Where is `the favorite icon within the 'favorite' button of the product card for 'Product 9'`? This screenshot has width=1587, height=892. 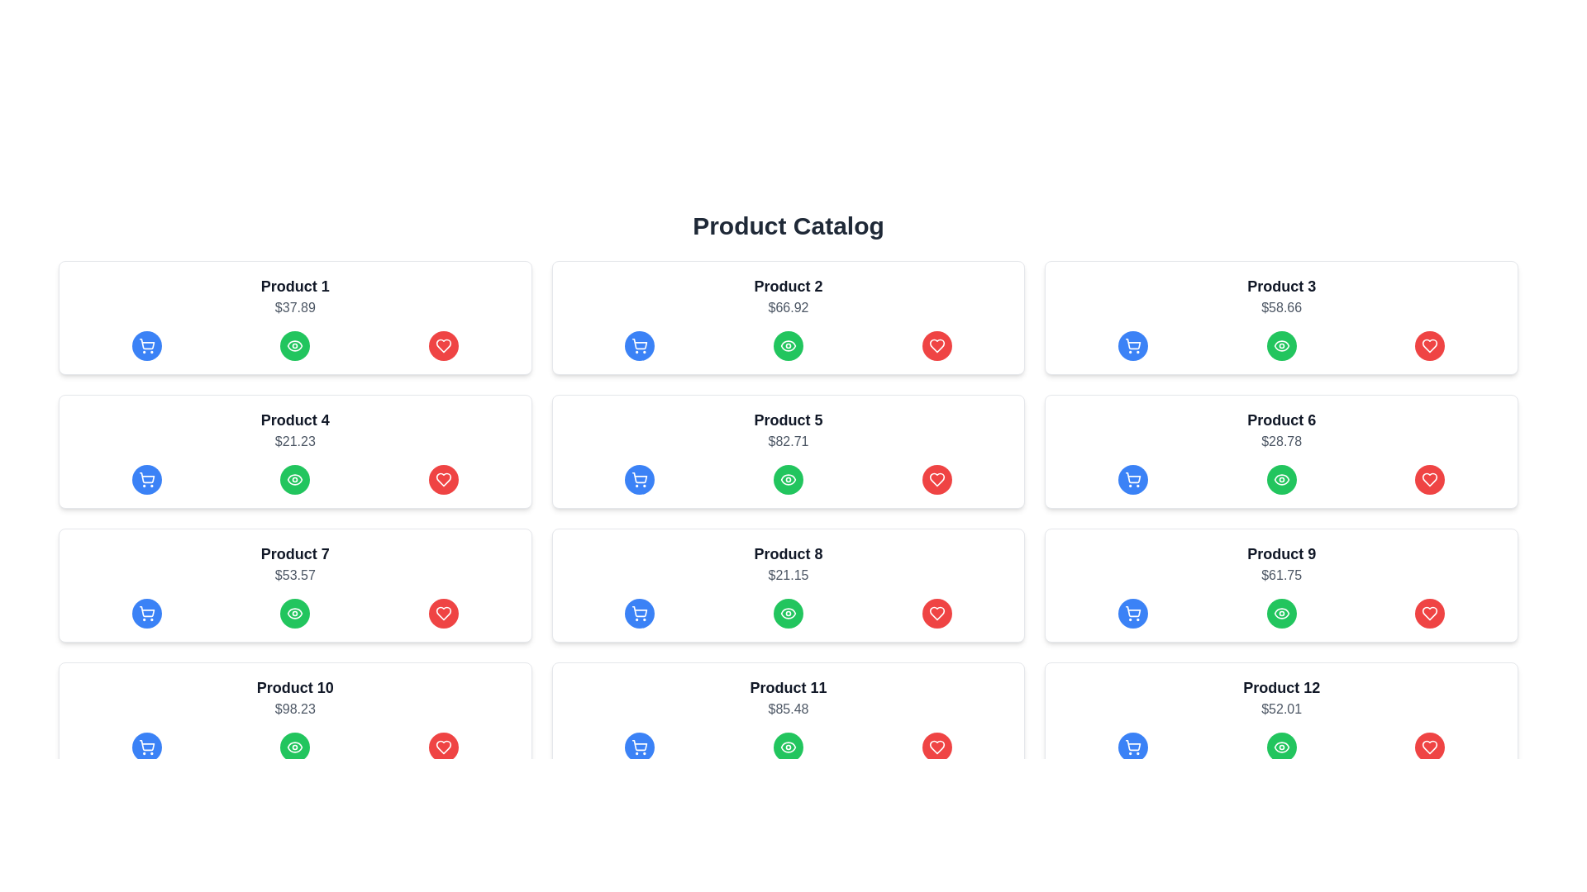
the favorite icon within the 'favorite' button of the product card for 'Product 9' is located at coordinates (1429, 614).